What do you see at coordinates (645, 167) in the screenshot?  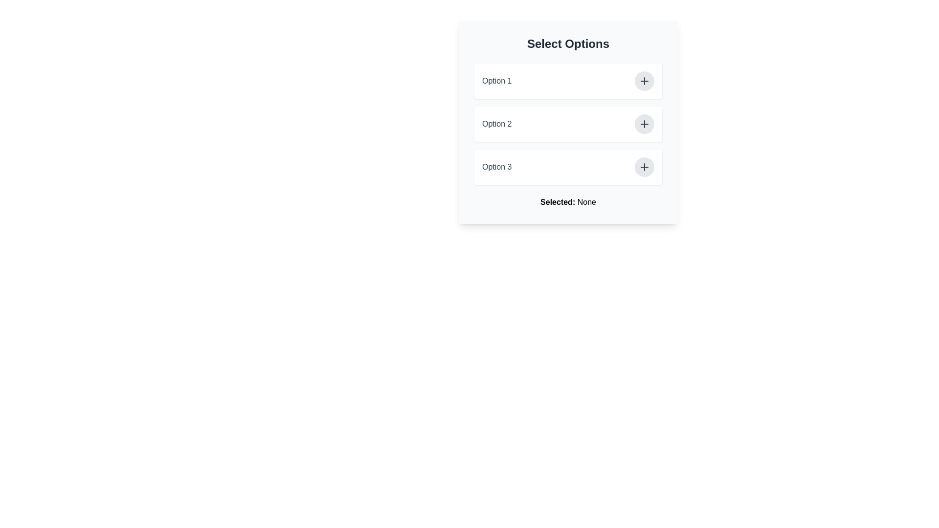 I see `the small circular button with a '+' icon located to the far right of the row labeled 'Option 3'` at bounding box center [645, 167].